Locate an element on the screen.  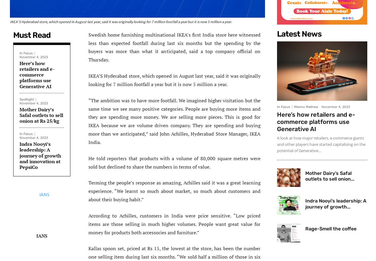
'Swedish home furnishing multinational IKEA’s first India store here witnessed less than expected footfall during last six months but the spending by the buyers was more than what it anticipated, said a top company official on Thursday.' is located at coordinates (88, 47).